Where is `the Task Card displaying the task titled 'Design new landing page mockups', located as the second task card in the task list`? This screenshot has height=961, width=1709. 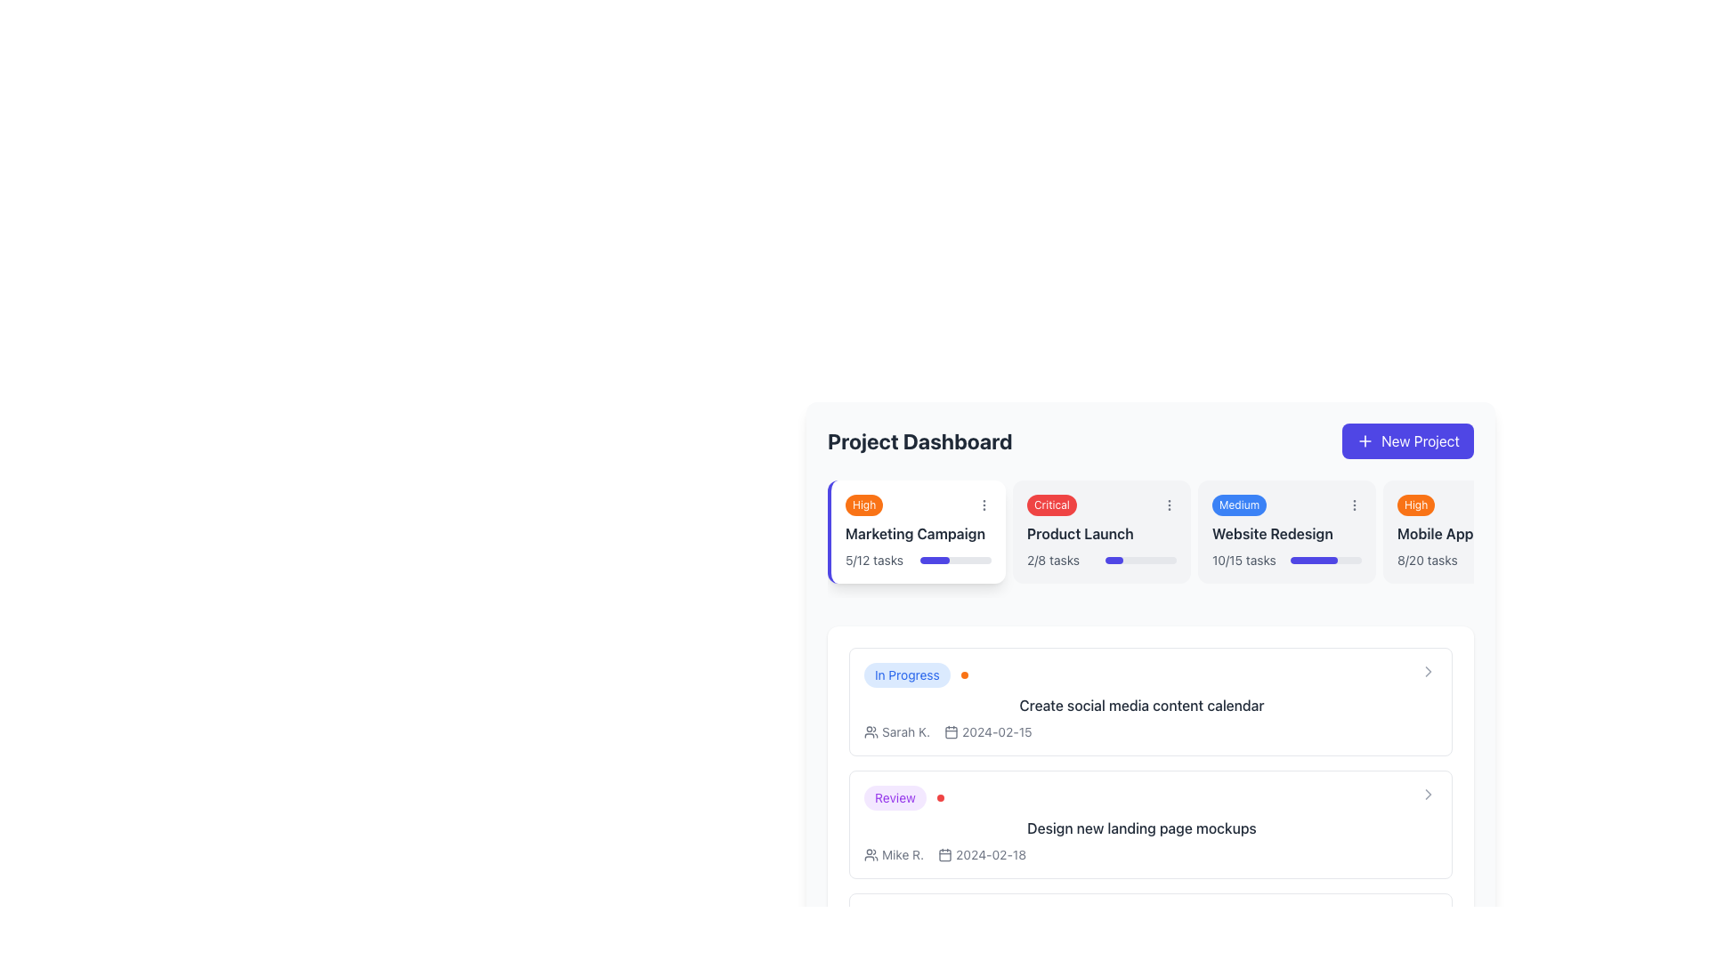
the Task Card displaying the task titled 'Design new landing page mockups', located as the second task card in the task list is located at coordinates (1141, 824).